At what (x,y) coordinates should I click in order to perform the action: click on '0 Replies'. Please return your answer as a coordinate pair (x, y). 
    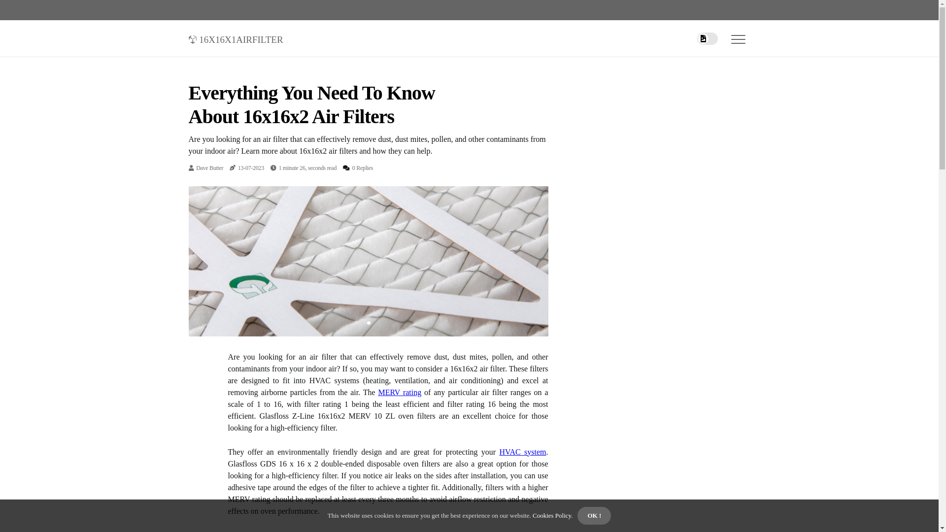
    Looking at the image, I should click on (362, 167).